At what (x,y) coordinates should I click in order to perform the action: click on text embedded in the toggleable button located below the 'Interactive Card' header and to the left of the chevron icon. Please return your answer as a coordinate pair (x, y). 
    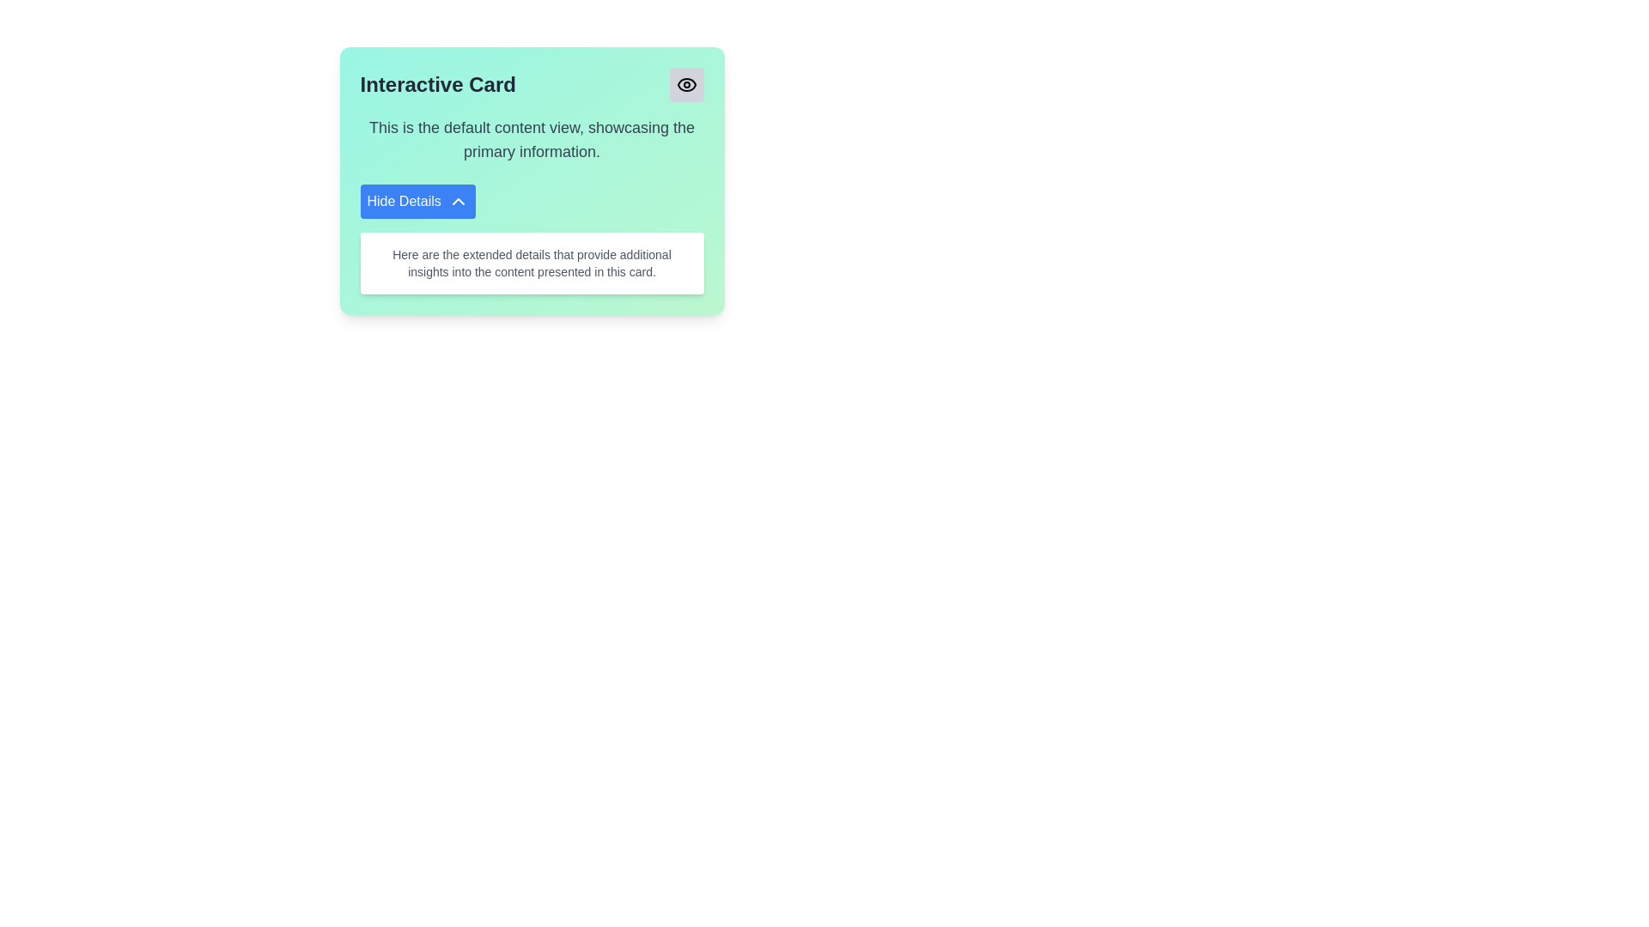
    Looking at the image, I should click on (403, 201).